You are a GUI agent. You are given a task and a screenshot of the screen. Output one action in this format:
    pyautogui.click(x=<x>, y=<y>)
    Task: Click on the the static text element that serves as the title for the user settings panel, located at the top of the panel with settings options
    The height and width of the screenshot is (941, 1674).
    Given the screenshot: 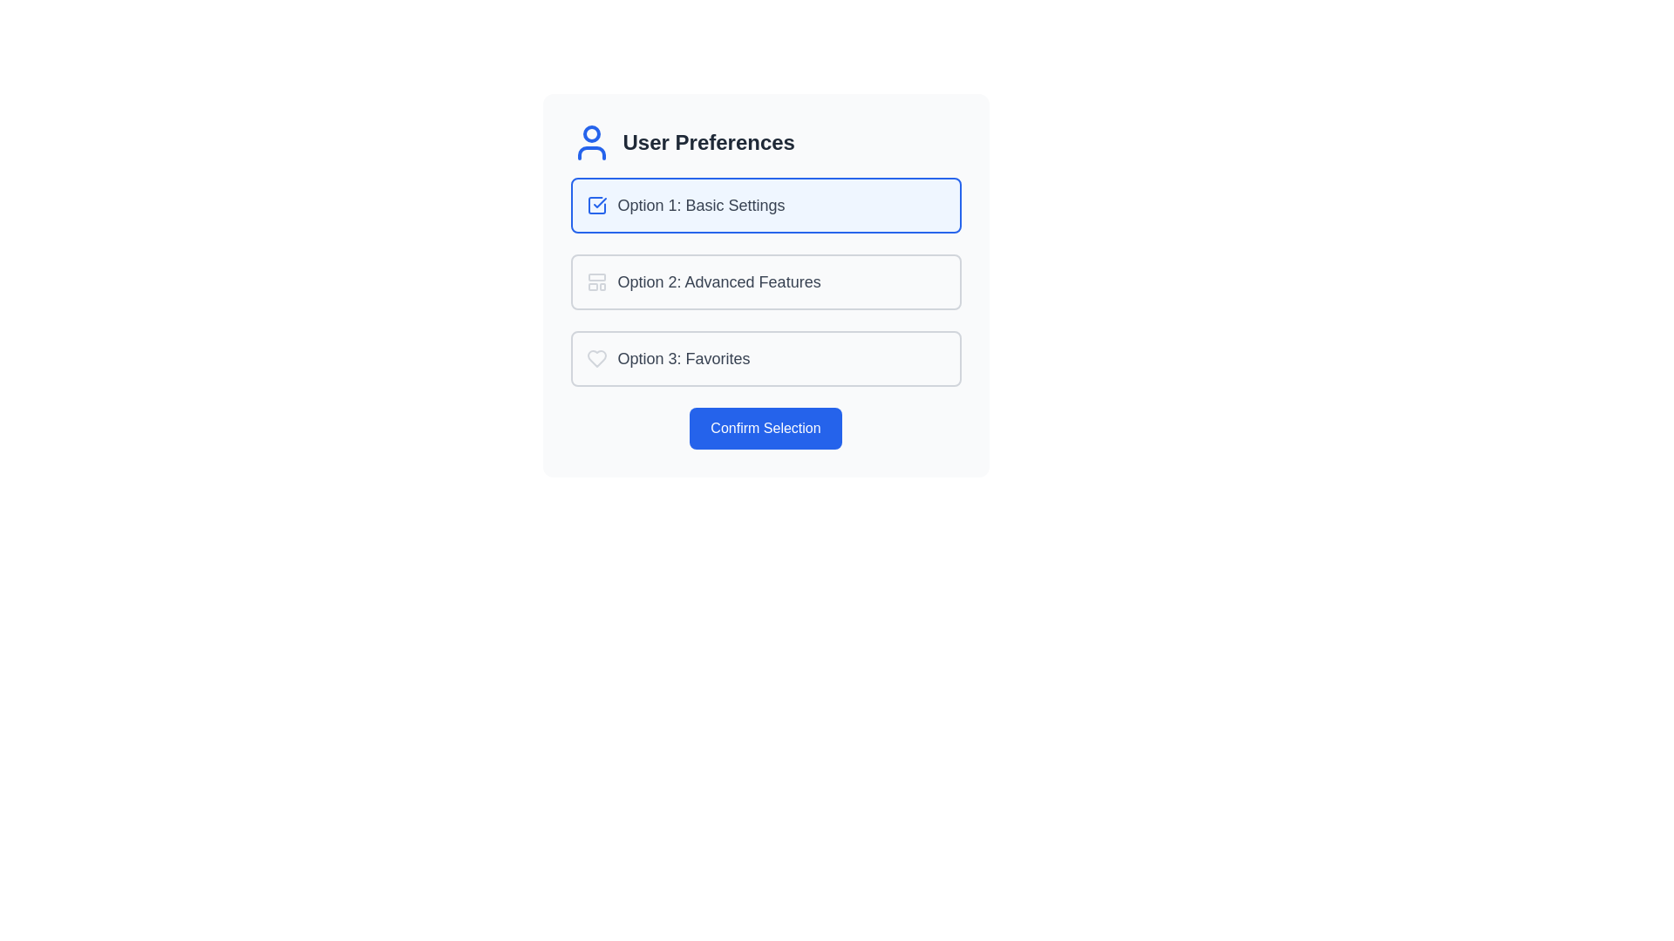 What is the action you would take?
    pyautogui.click(x=709, y=142)
    